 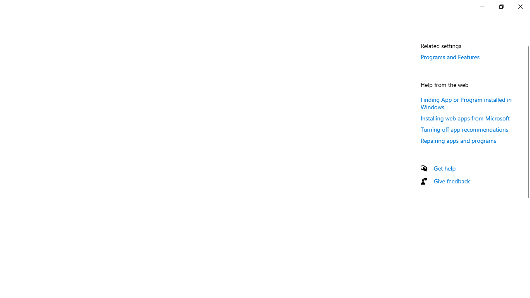 I want to click on 'Vertical Small Decrease', so click(x=526, y=43).